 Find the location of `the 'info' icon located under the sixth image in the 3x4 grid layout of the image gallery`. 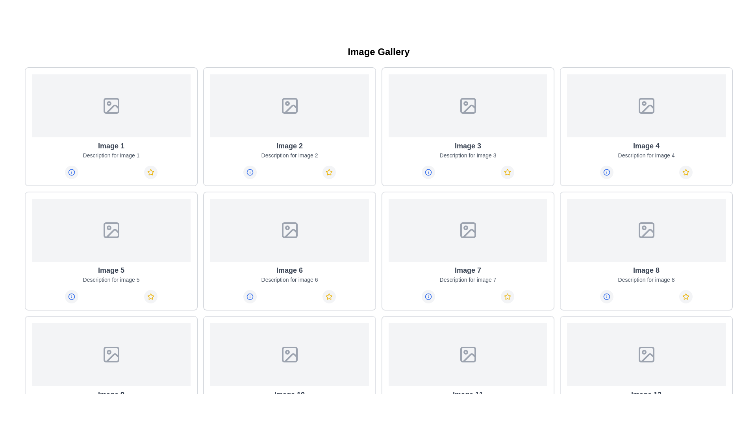

the 'info' icon located under the sixth image in the 3x4 grid layout of the image gallery is located at coordinates (249, 296).